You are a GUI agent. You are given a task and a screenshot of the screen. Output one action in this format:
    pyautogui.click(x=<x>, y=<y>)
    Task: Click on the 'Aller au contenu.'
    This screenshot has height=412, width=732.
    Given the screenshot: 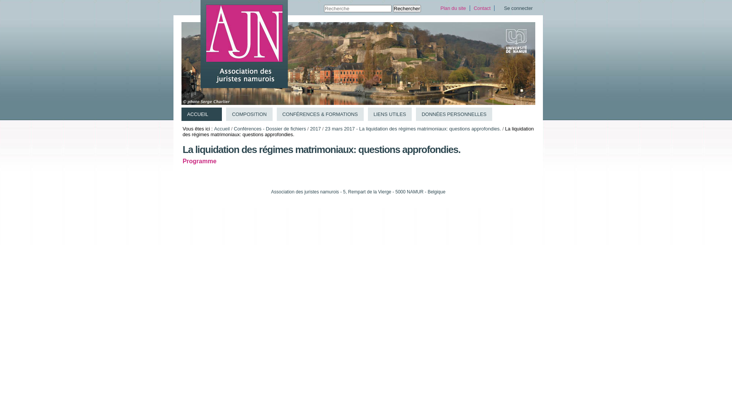 What is the action you would take?
    pyautogui.click(x=180, y=24)
    